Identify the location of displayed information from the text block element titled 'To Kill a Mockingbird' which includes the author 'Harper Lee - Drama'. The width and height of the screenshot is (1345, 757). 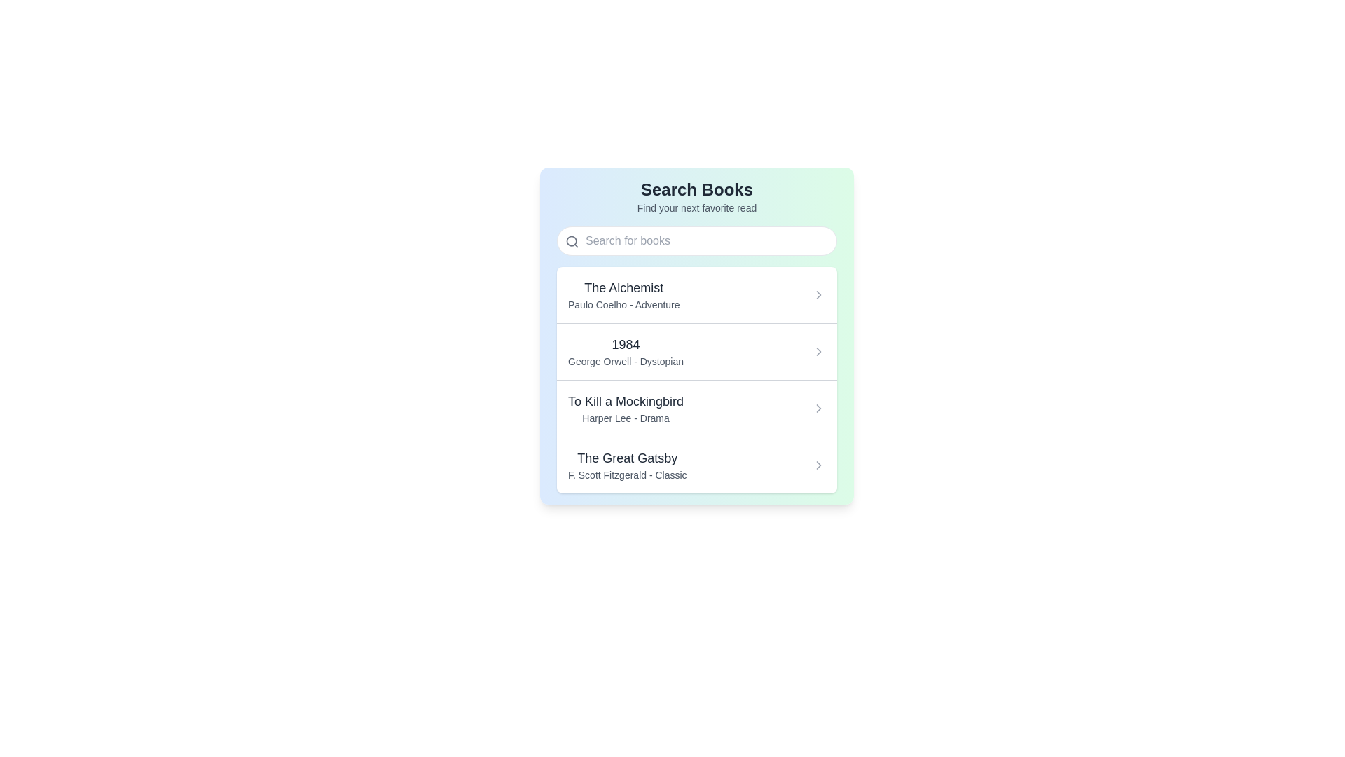
(625, 408).